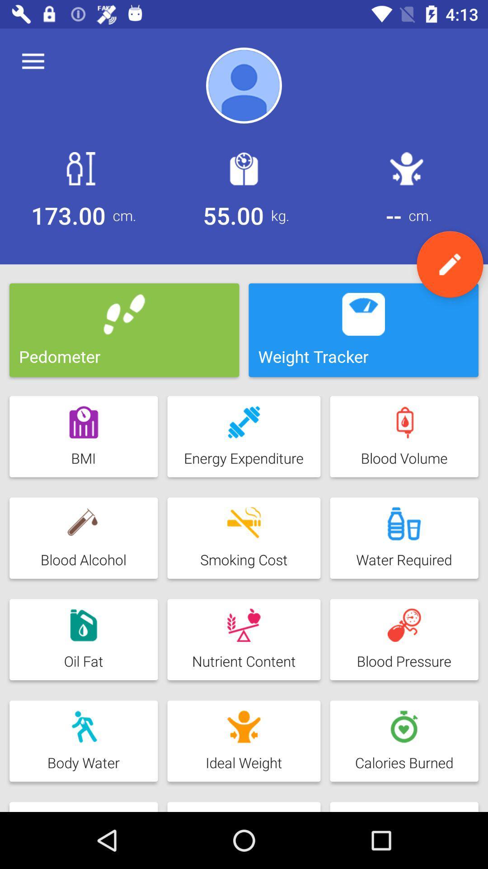 The width and height of the screenshot is (488, 869). I want to click on the edit icon, so click(450, 264).